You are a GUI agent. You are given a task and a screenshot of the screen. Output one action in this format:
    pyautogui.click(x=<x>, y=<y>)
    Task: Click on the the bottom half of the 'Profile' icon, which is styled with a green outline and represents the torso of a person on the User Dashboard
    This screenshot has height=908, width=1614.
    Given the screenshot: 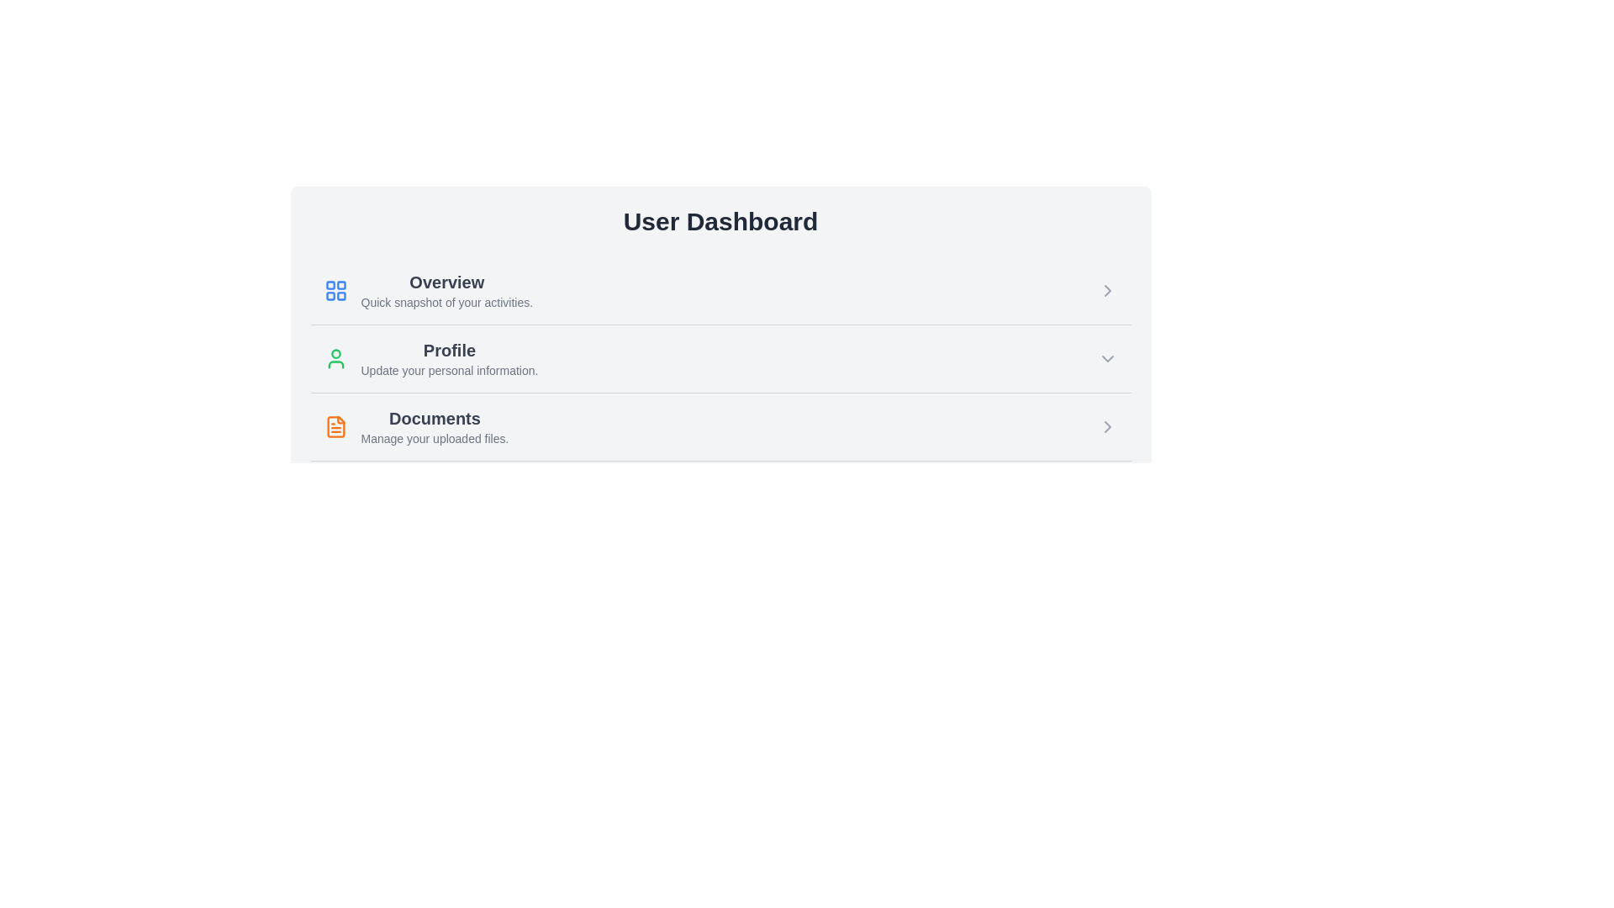 What is the action you would take?
    pyautogui.click(x=335, y=364)
    